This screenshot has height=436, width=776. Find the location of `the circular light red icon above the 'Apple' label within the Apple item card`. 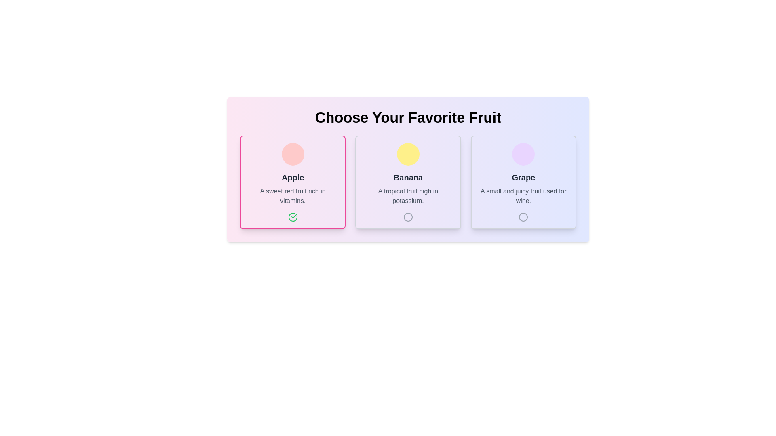

the circular light red icon above the 'Apple' label within the Apple item card is located at coordinates (292, 154).